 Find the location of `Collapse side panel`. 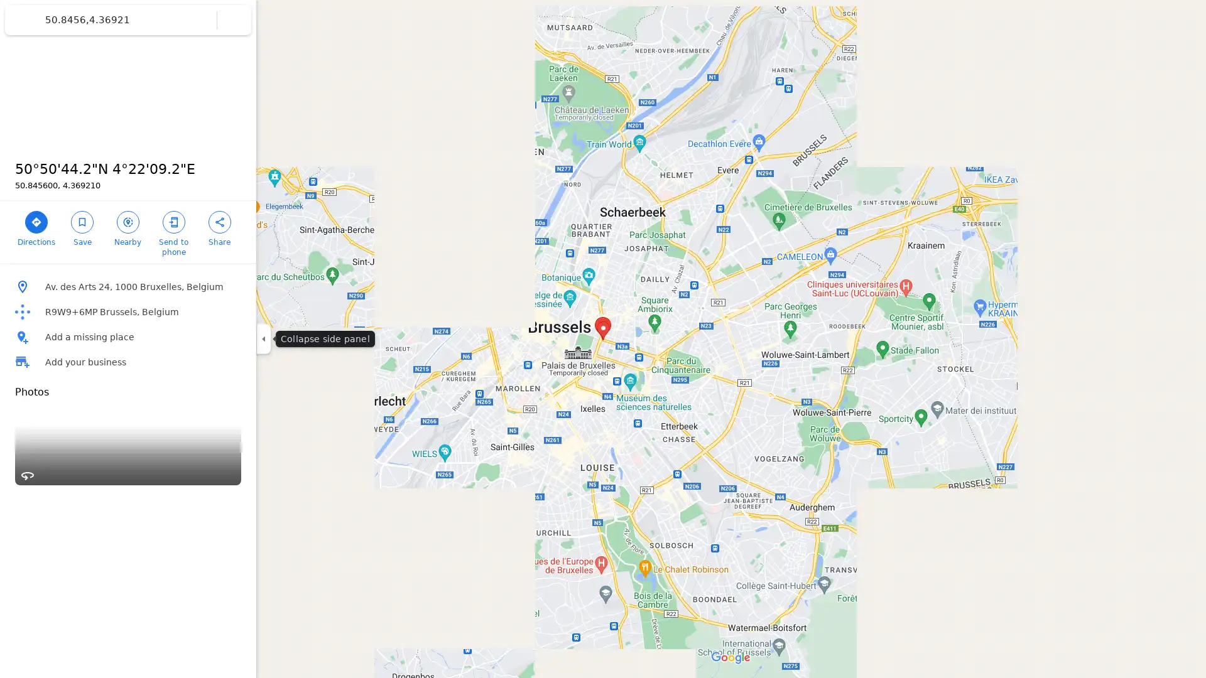

Collapse side panel is located at coordinates (263, 339).